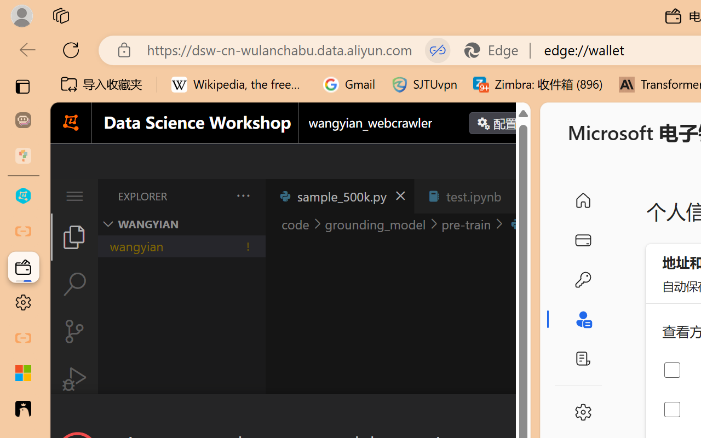  Describe the element at coordinates (423, 84) in the screenshot. I see `'SJTUvpn'` at that location.